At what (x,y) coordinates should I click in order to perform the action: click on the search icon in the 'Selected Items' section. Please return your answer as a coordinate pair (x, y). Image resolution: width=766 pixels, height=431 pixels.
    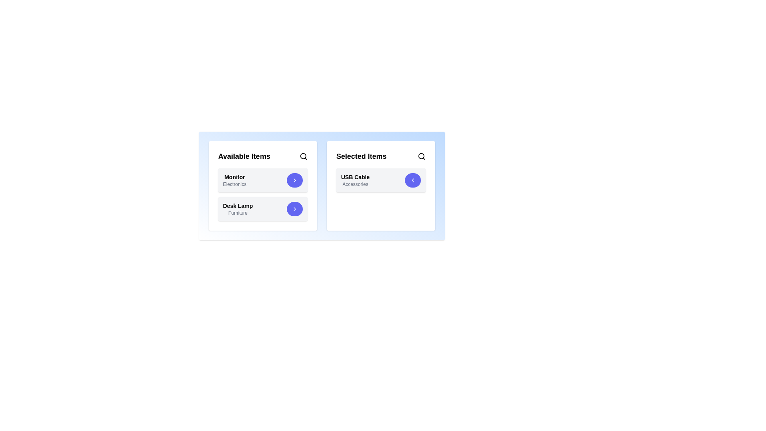
    Looking at the image, I should click on (421, 156).